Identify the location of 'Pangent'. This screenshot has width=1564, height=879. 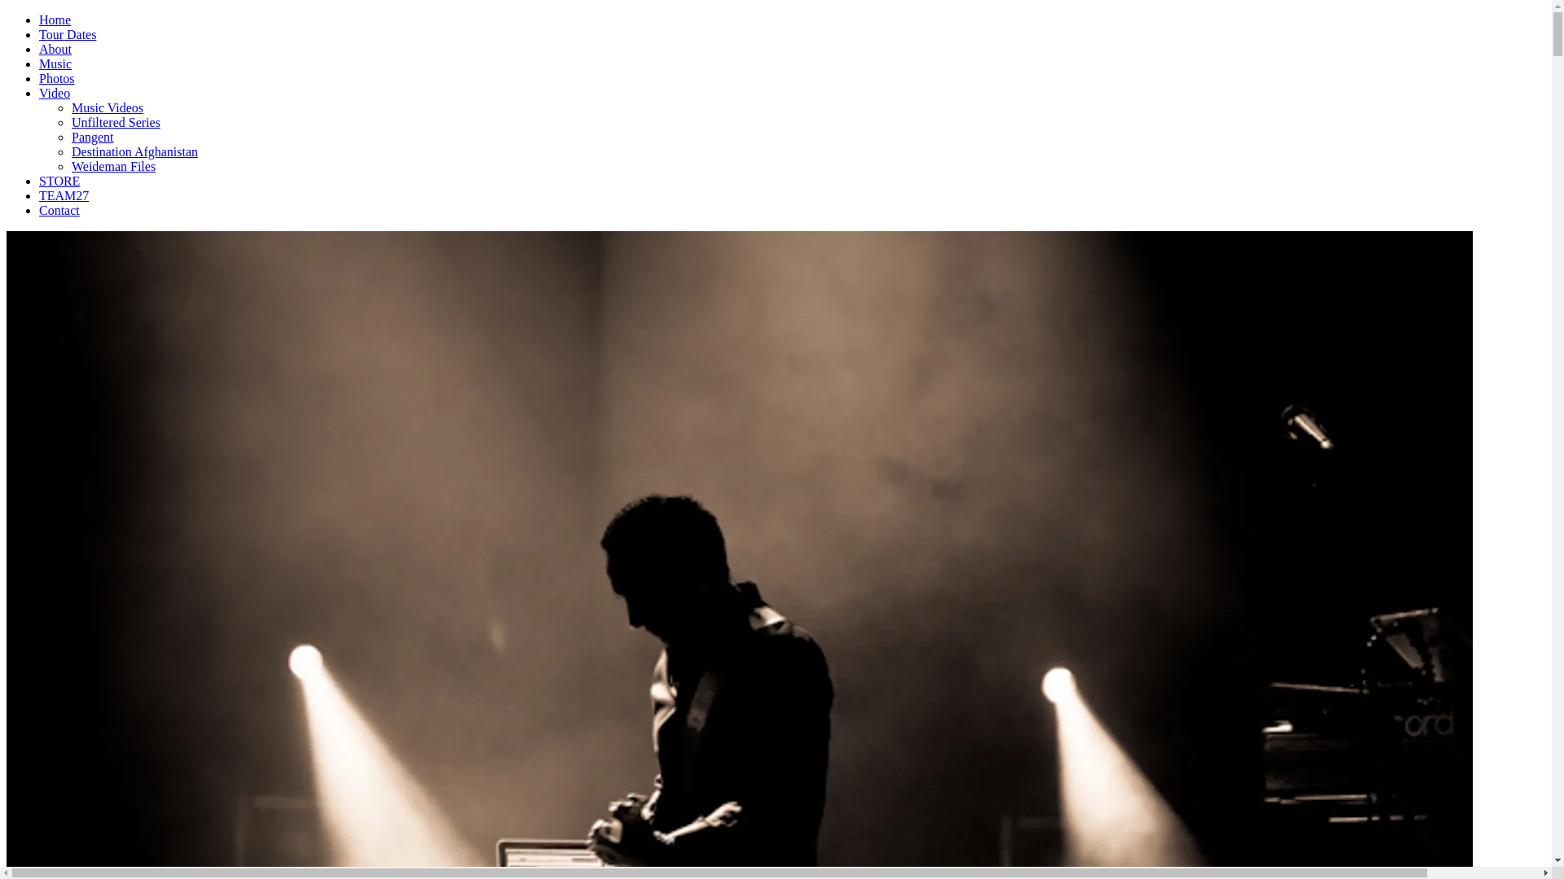
(92, 136).